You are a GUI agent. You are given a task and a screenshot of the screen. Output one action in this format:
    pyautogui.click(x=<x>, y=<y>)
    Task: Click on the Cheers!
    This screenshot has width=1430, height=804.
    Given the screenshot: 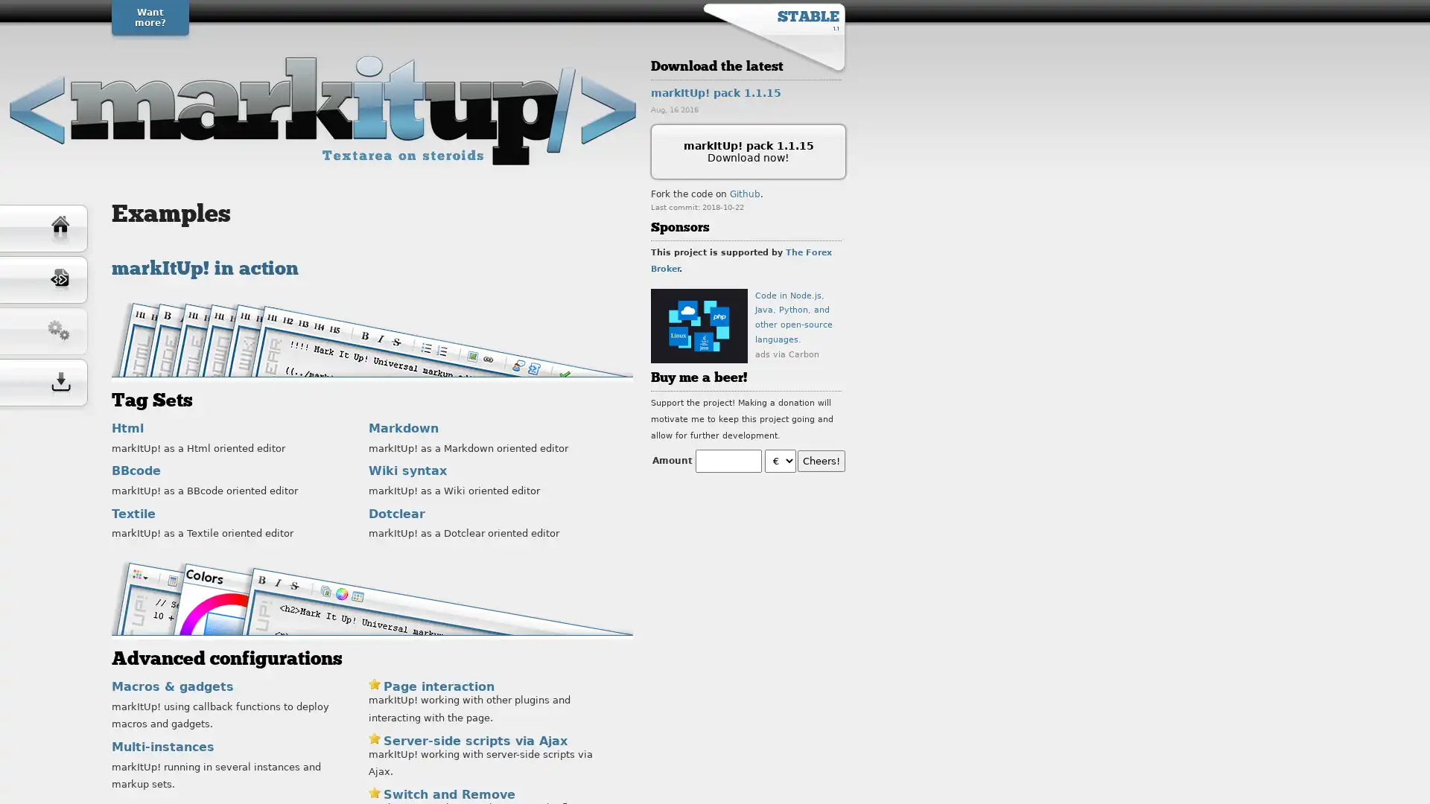 What is the action you would take?
    pyautogui.click(x=821, y=460)
    